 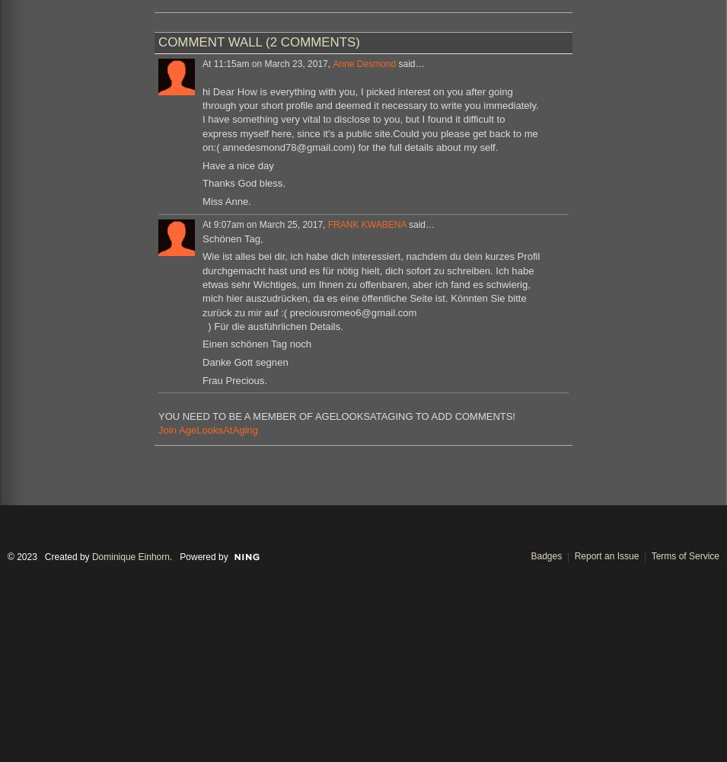 What do you see at coordinates (198, 555) in the screenshot?
I see `'.             
    Powered by'` at bounding box center [198, 555].